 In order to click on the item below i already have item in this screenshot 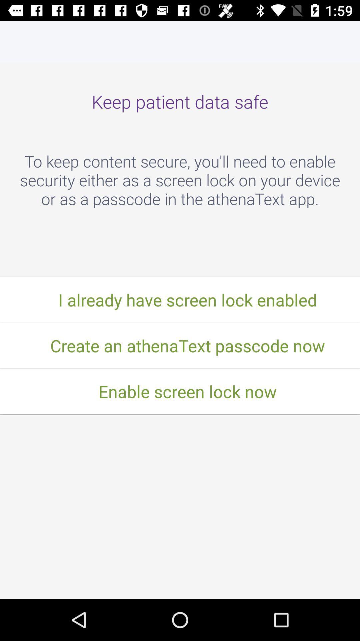, I will do `click(180, 346)`.